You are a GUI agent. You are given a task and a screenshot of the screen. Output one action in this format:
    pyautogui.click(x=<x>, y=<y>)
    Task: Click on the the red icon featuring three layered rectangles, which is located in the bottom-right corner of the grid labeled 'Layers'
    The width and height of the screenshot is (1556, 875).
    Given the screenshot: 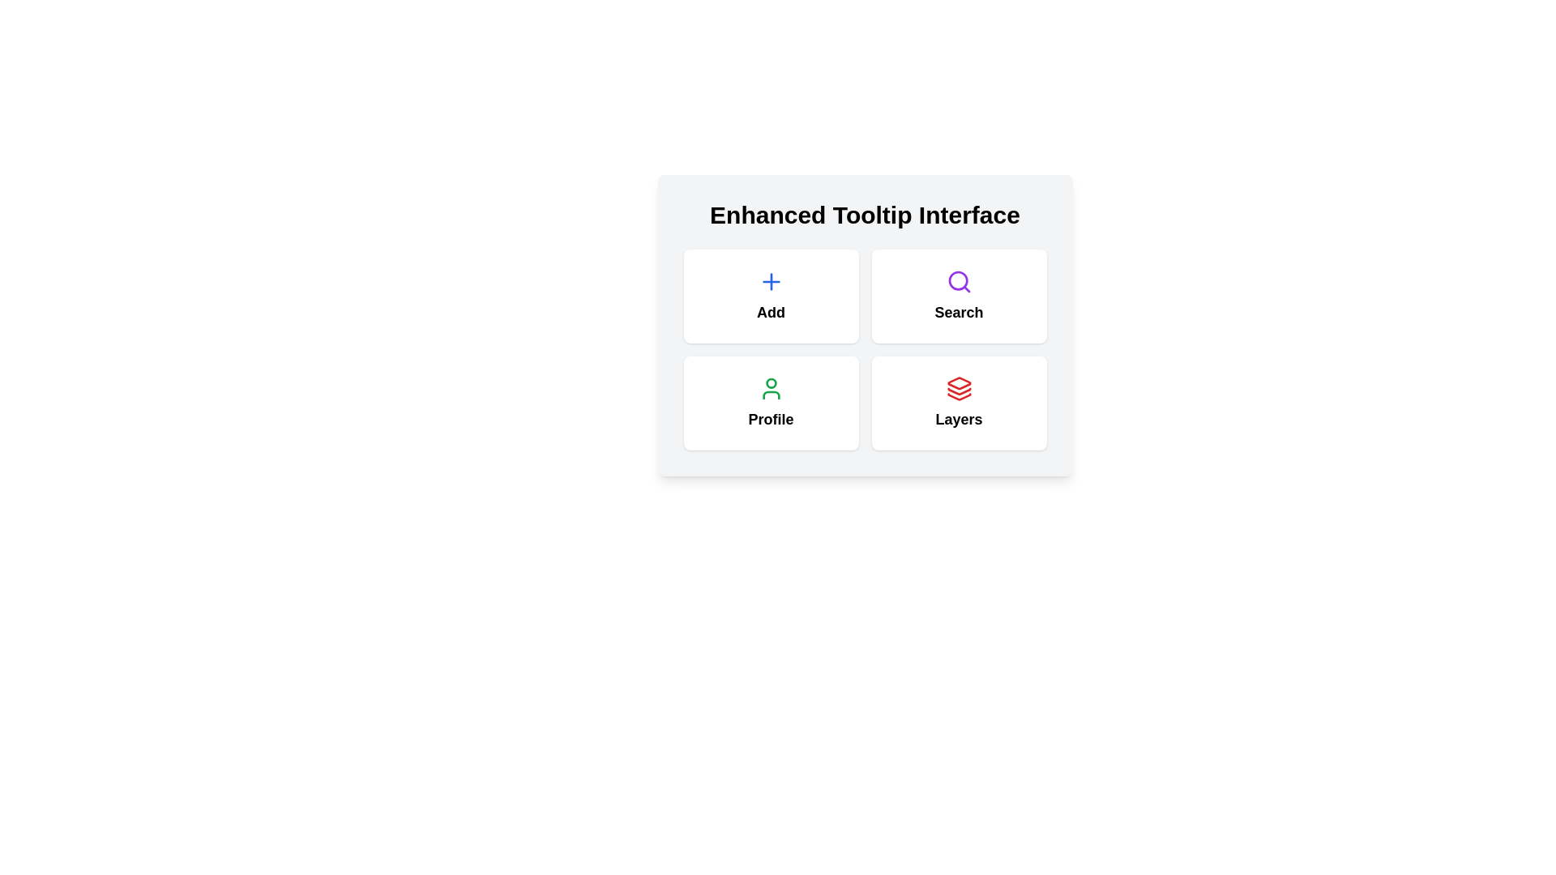 What is the action you would take?
    pyautogui.click(x=959, y=388)
    